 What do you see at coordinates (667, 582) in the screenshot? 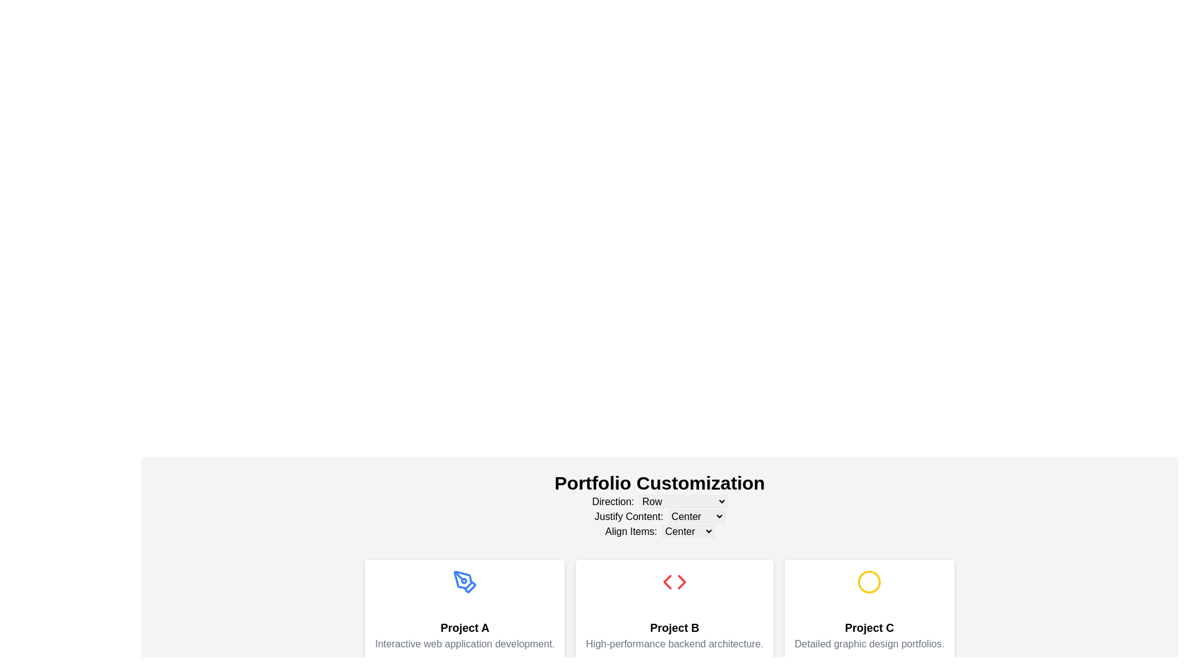
I see `the red left-pointing chevron located within the central rectangular card labeled 'Project B'` at bounding box center [667, 582].